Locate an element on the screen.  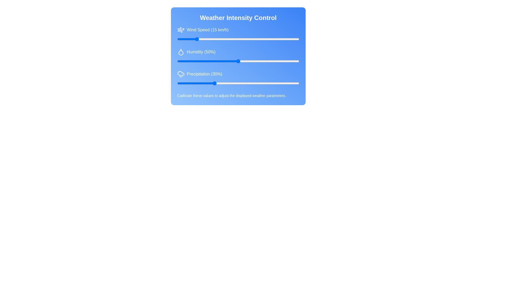
the wind speed is located at coordinates (271, 39).